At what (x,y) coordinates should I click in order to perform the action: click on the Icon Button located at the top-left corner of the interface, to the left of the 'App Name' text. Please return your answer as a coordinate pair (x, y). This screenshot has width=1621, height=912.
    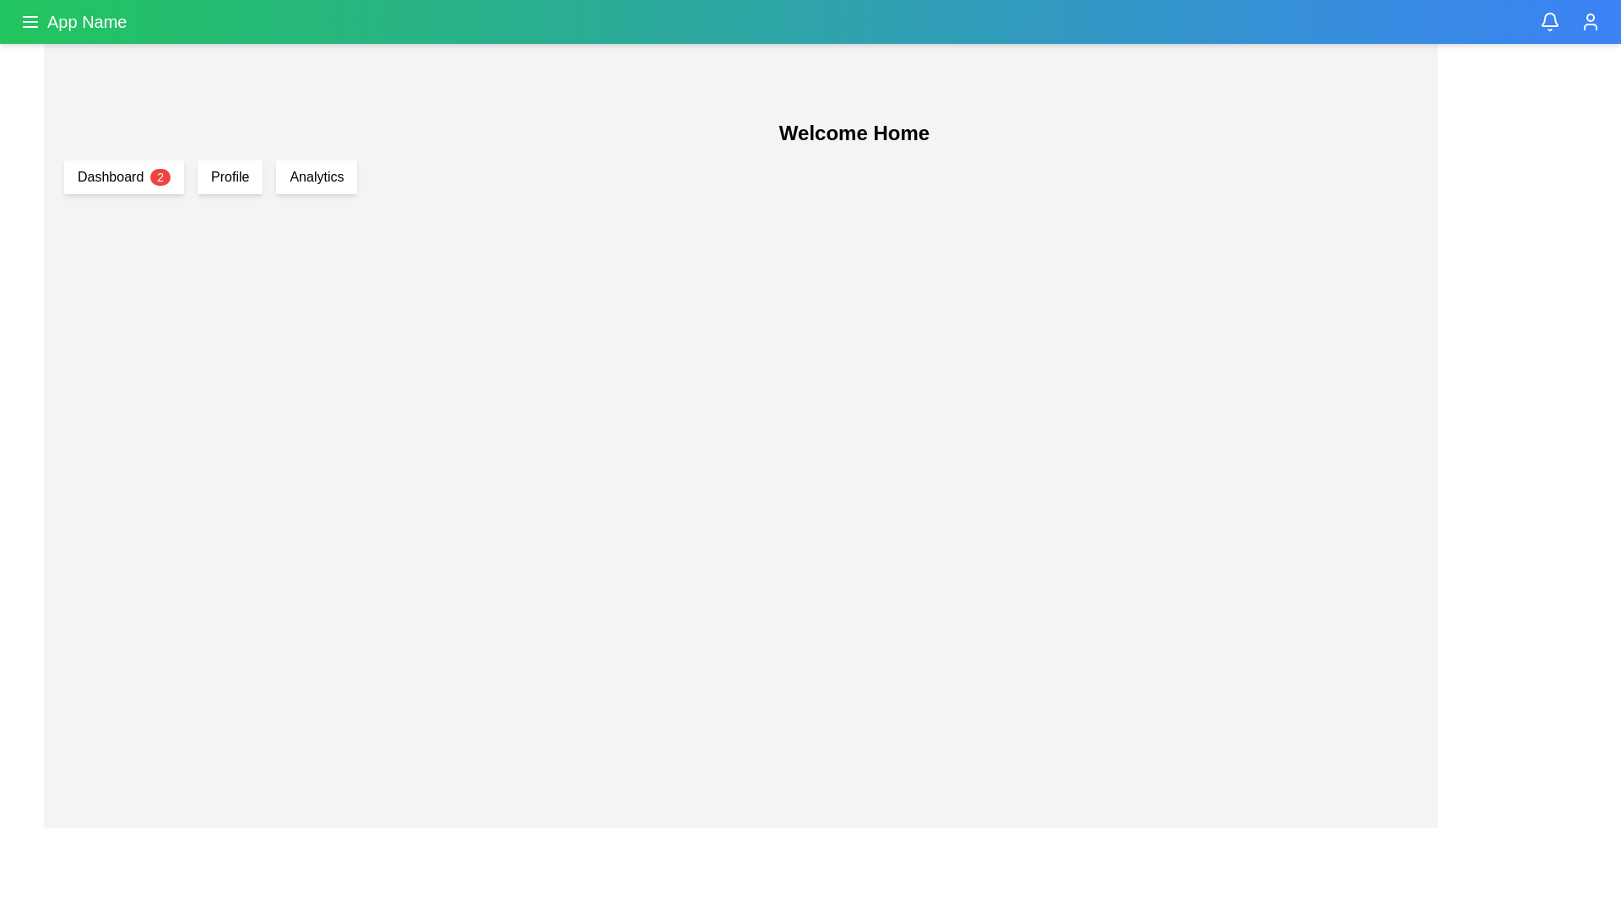
    Looking at the image, I should click on (30, 22).